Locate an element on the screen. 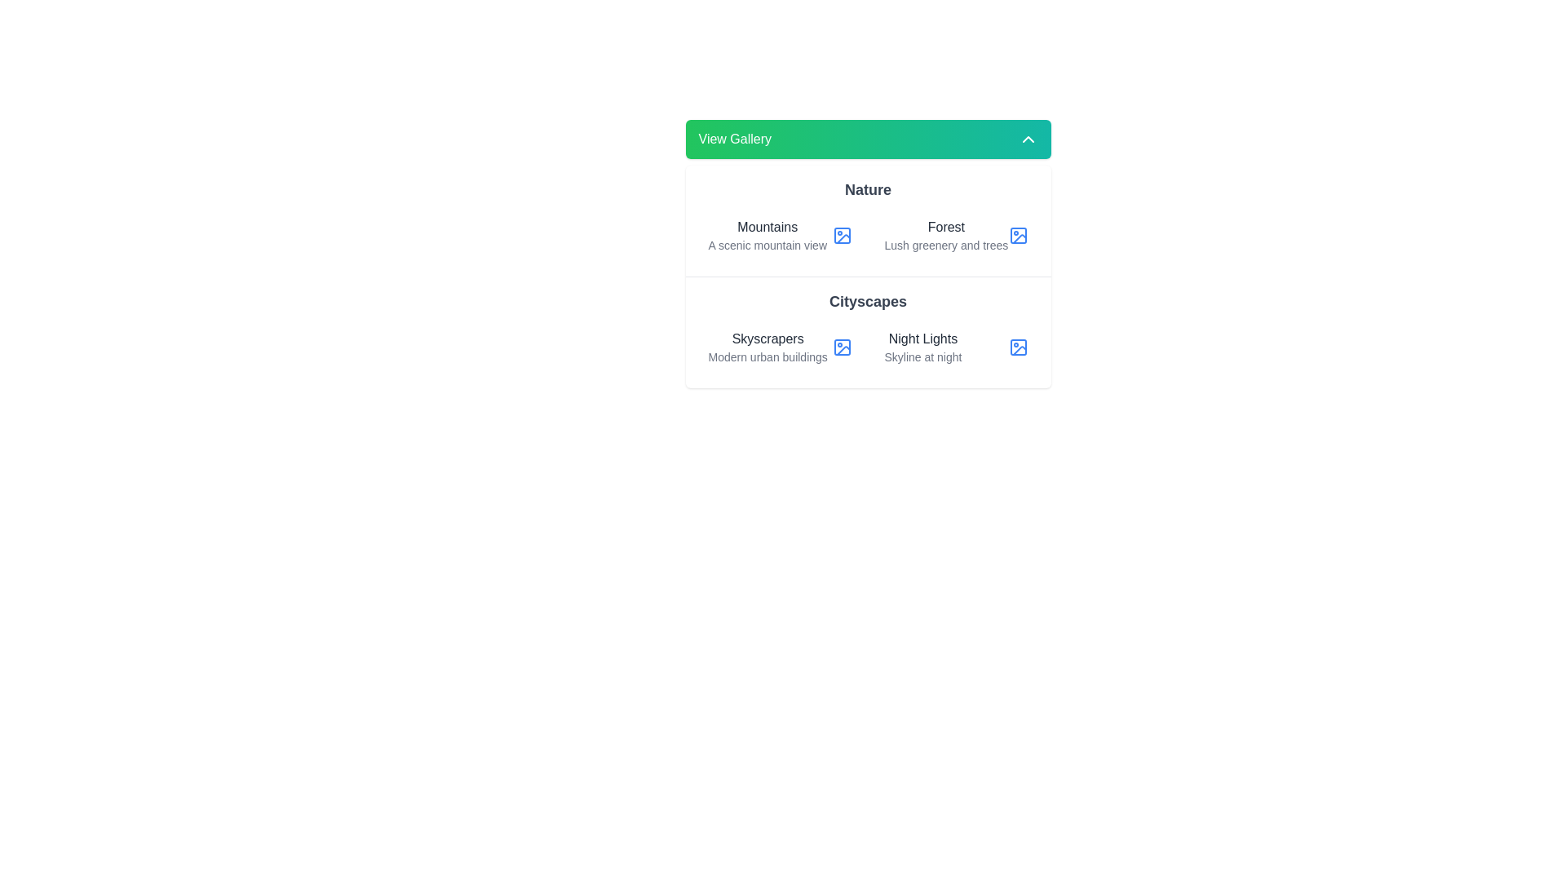 The image size is (1566, 881). text label that categorizes options related to skyscrapers, located in the 'Cityscapes' section, positioned above the 'Modern urban buildings' descriptive text is located at coordinates (767, 339).